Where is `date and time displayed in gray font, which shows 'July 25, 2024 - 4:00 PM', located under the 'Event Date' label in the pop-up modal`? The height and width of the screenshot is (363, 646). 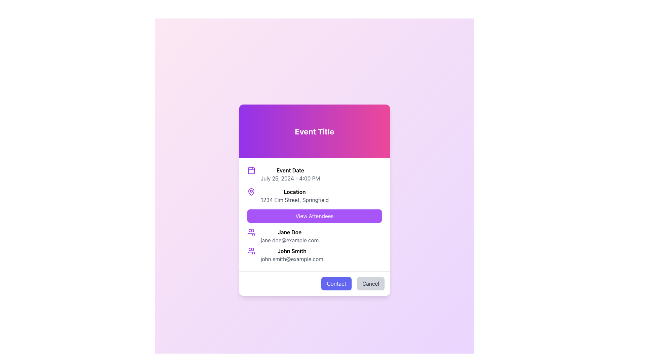 date and time displayed in gray font, which shows 'July 25, 2024 - 4:00 PM', located under the 'Event Date' label in the pop-up modal is located at coordinates (290, 178).